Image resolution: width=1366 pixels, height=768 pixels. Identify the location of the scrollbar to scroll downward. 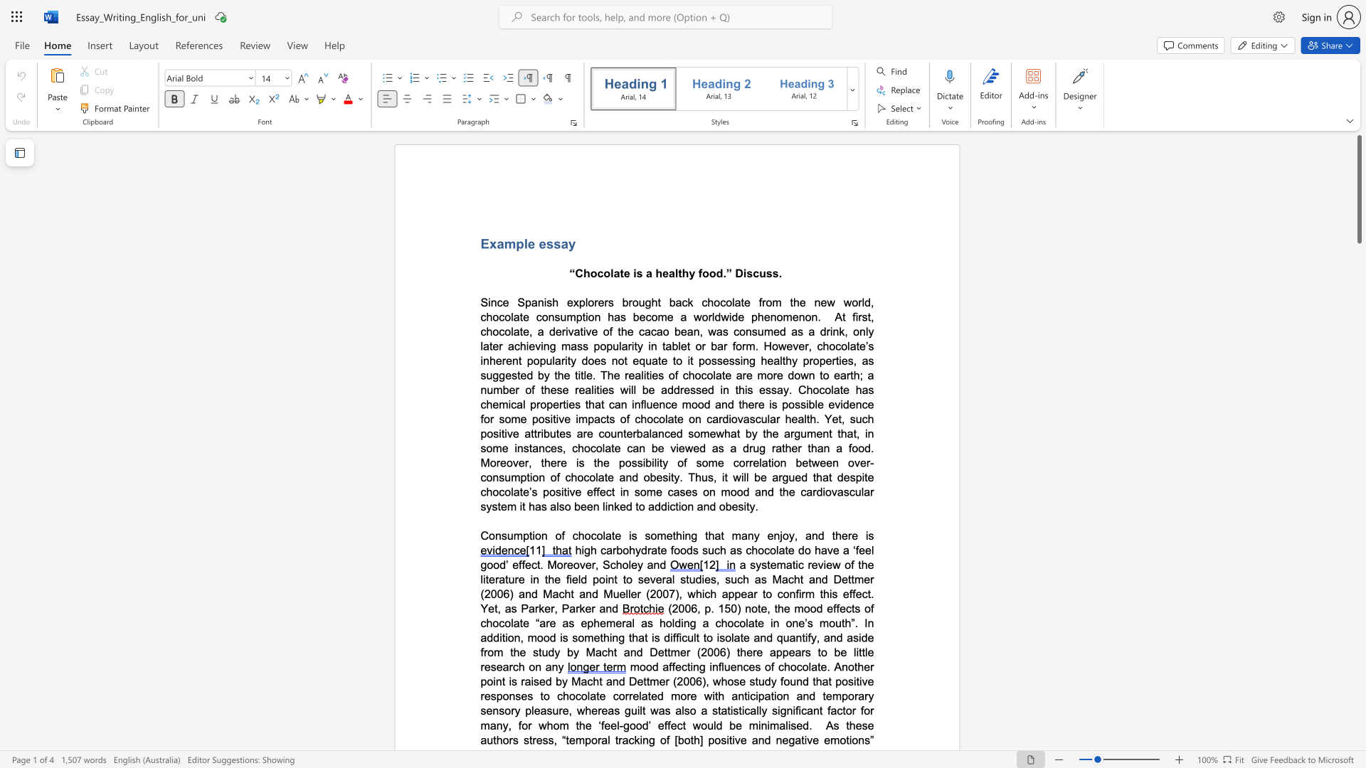
(1358, 320).